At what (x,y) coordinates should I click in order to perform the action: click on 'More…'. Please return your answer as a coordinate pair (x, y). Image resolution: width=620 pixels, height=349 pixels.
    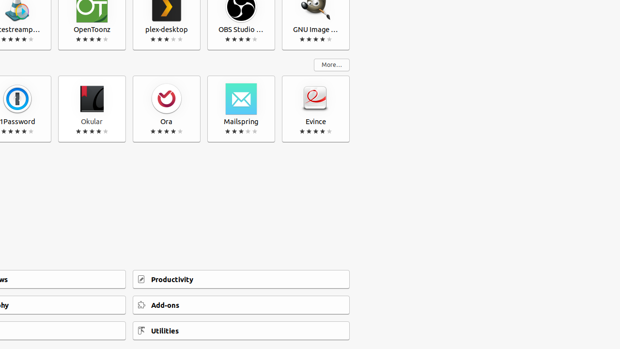
    Looking at the image, I should click on (332, 64).